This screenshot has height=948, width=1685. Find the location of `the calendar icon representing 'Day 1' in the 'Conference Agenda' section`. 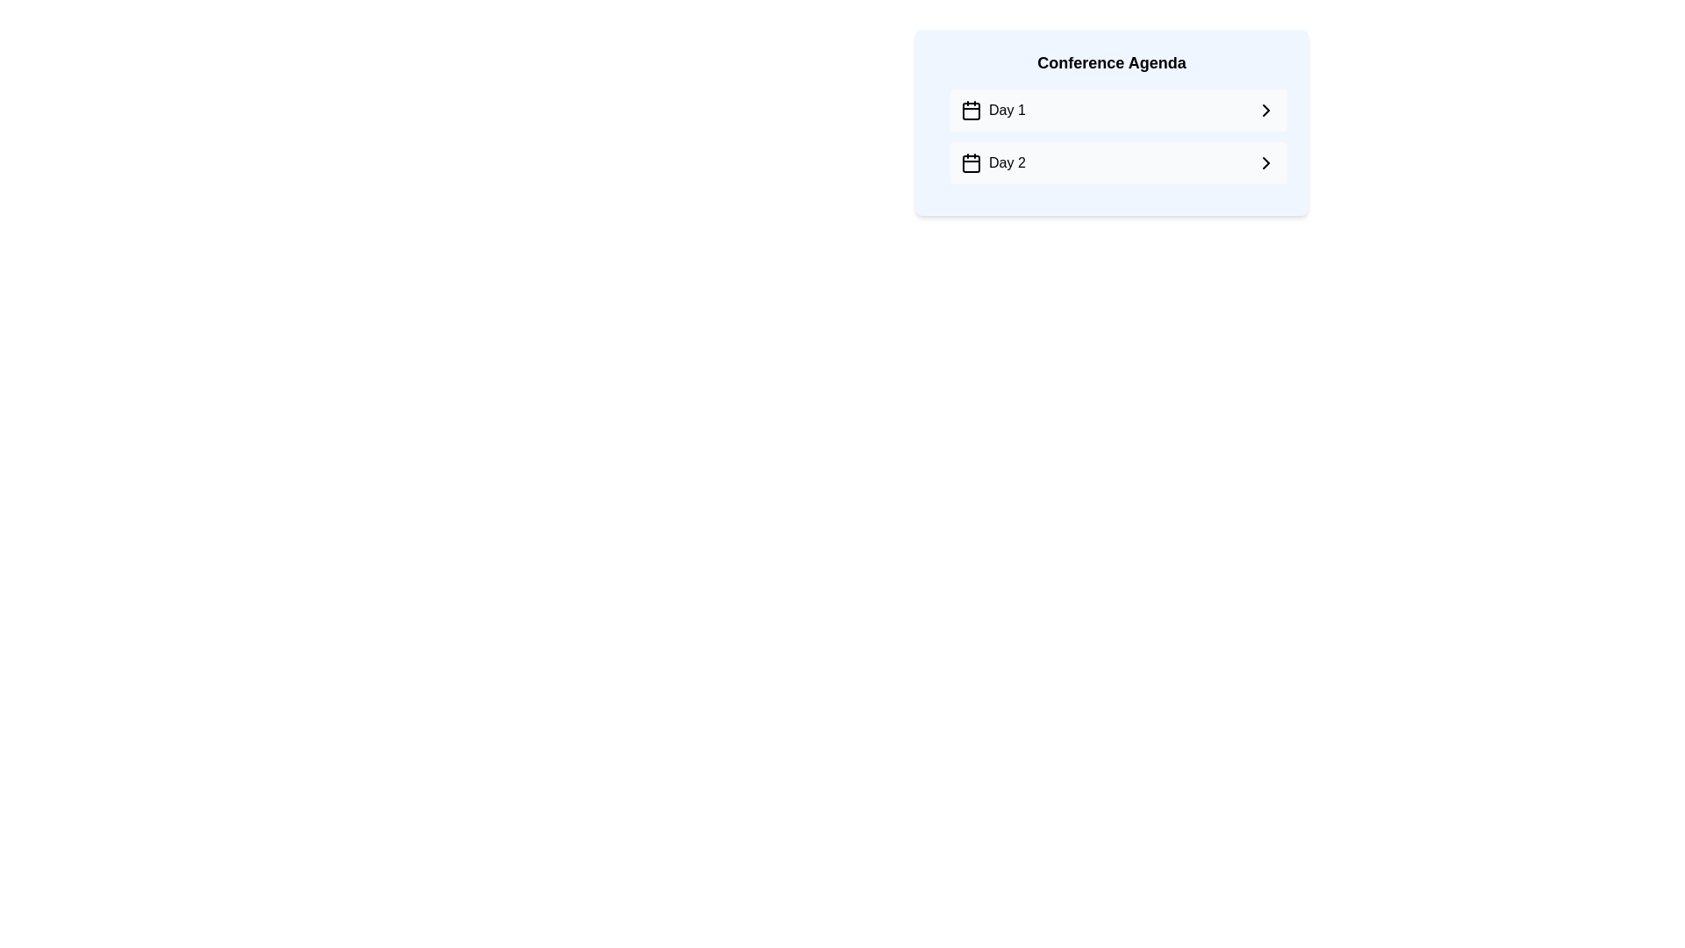

the calendar icon representing 'Day 1' in the 'Conference Agenda' section is located at coordinates (971, 111).